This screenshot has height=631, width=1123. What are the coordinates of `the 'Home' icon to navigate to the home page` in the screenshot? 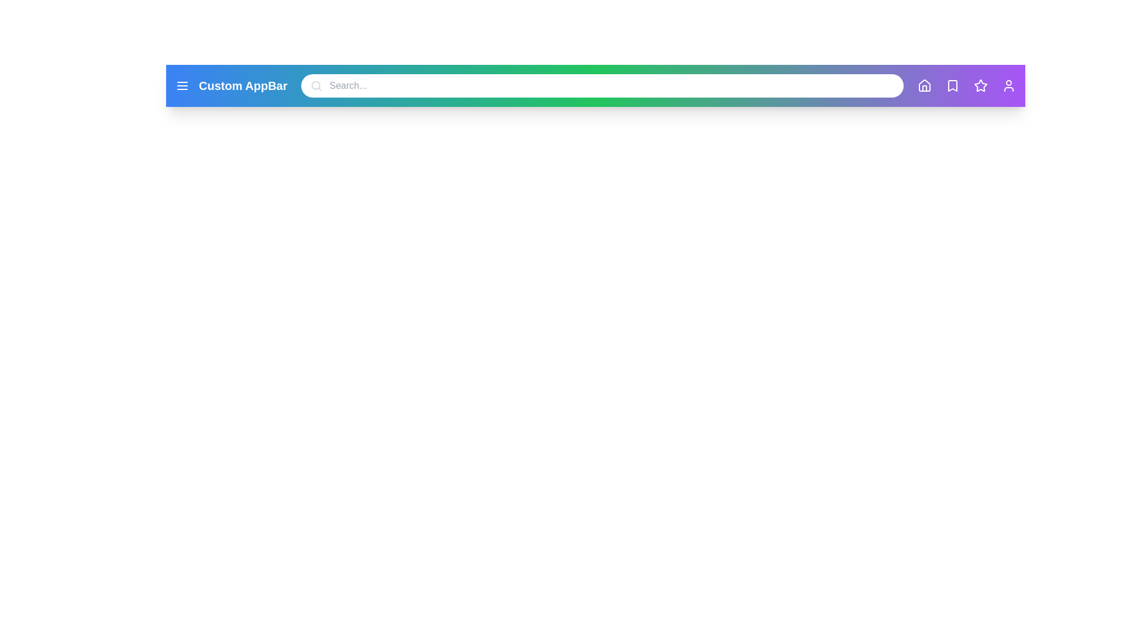 It's located at (924, 85).